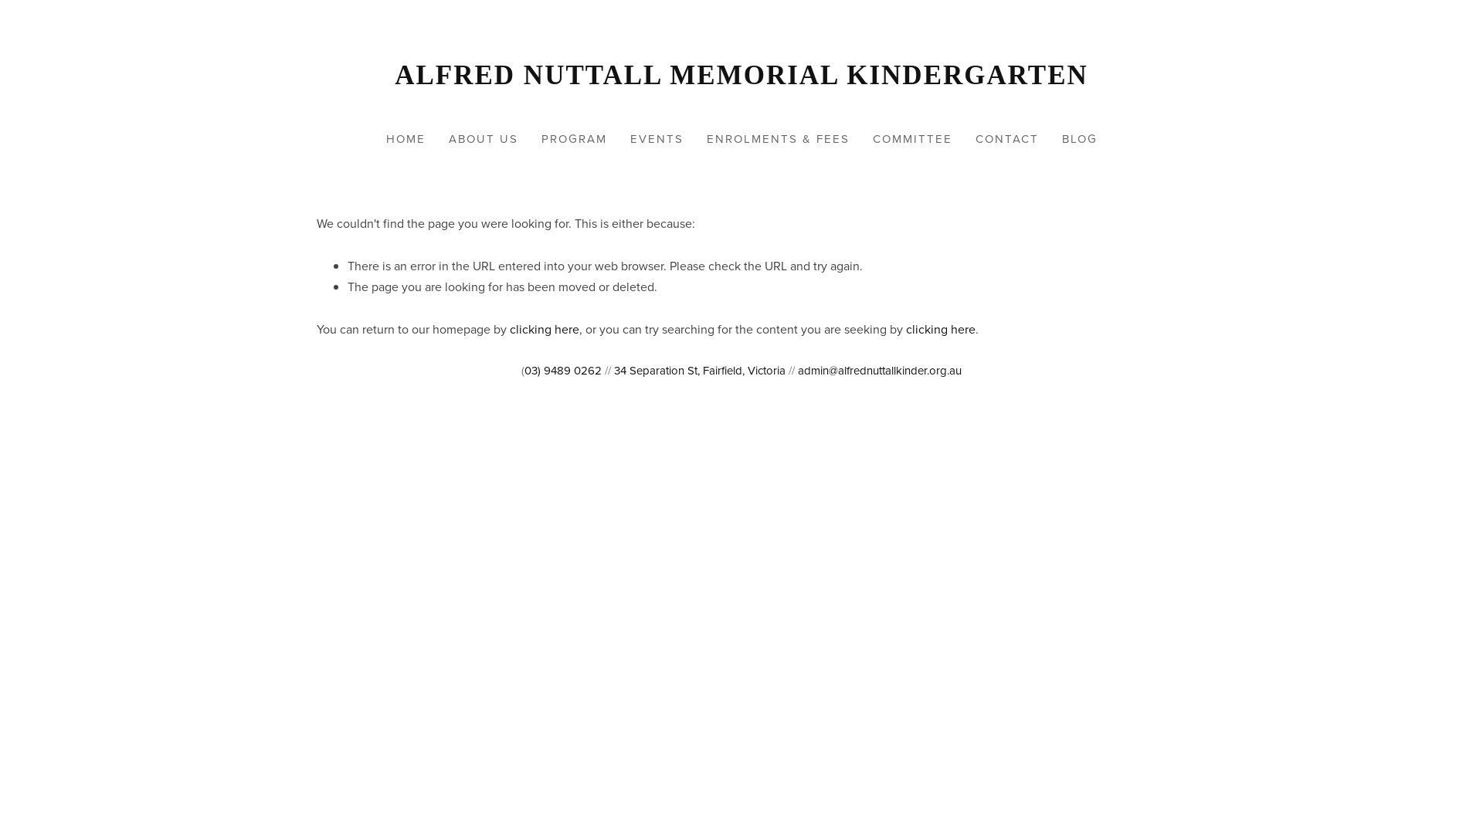 This screenshot has width=1483, height=834. What do you see at coordinates (657, 139) in the screenshot?
I see `'EVENTS'` at bounding box center [657, 139].